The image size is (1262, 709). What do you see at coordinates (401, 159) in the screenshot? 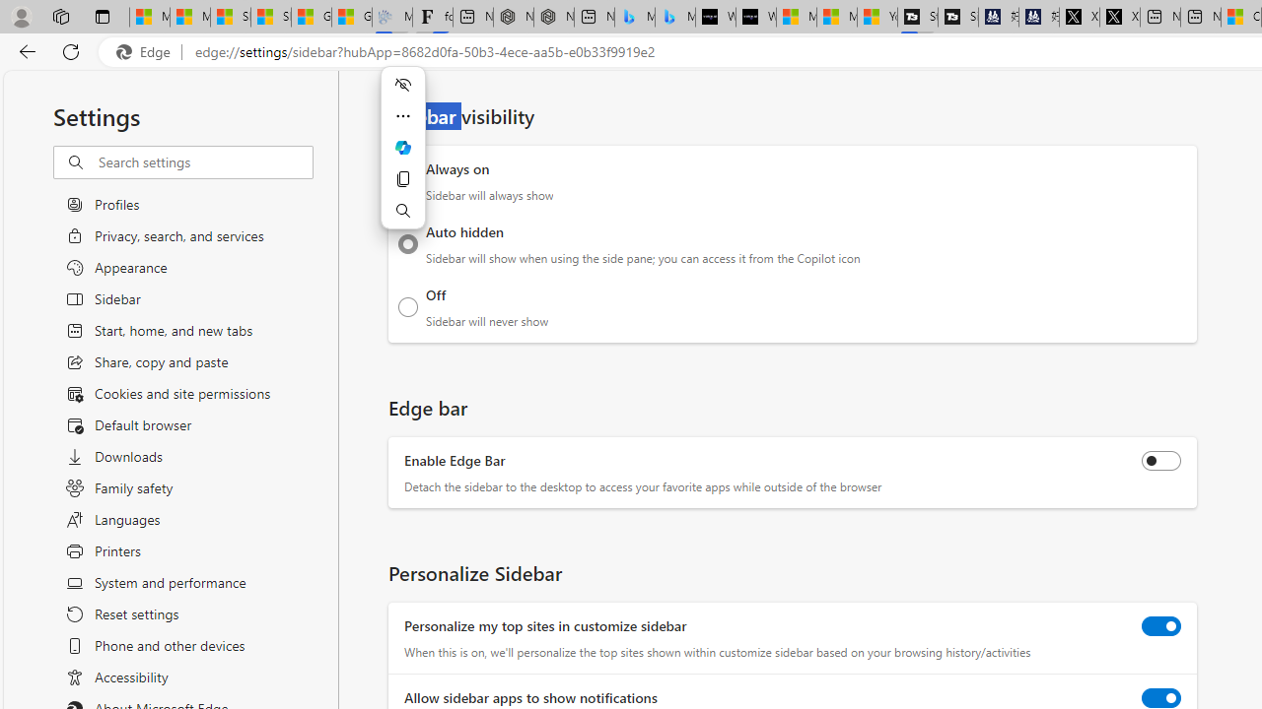
I see `'Mini menu on text selection'` at bounding box center [401, 159].